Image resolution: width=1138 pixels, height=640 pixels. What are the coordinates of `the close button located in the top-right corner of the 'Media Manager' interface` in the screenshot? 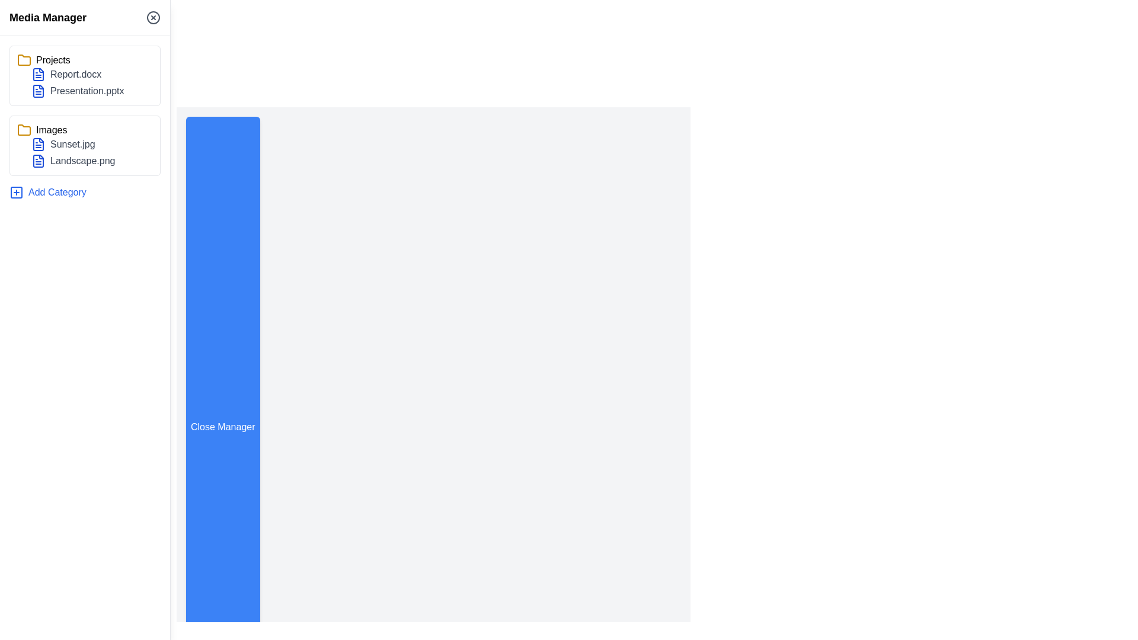 It's located at (153, 18).